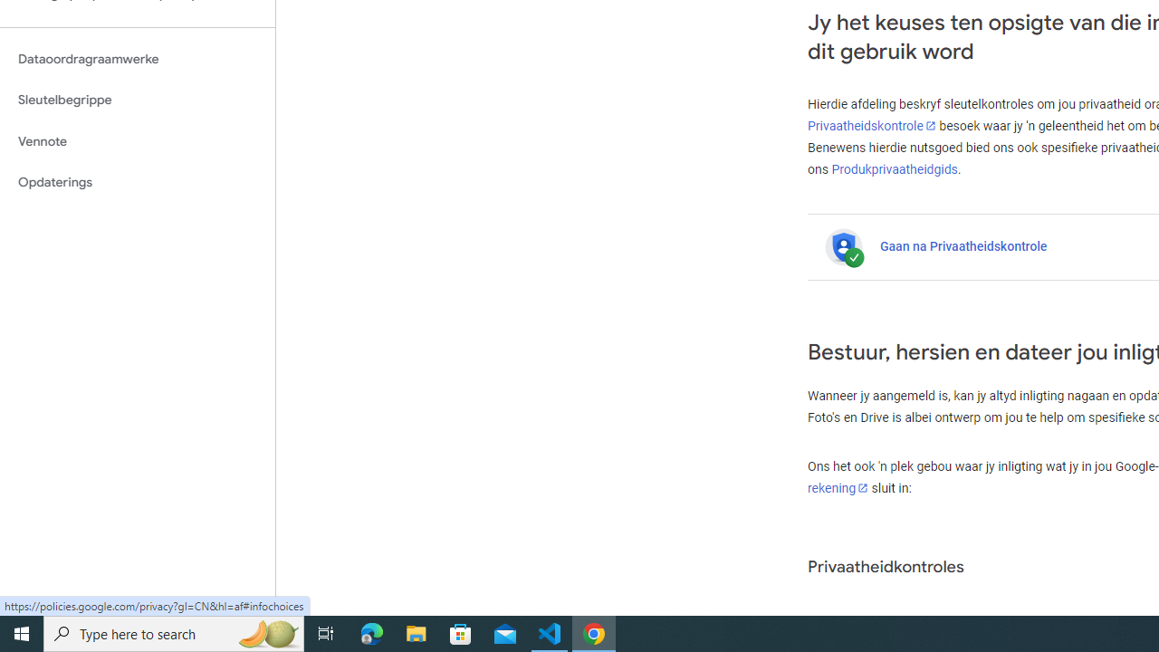 The image size is (1159, 652). Describe the element at coordinates (137, 182) in the screenshot. I see `'Opdaterings'` at that location.